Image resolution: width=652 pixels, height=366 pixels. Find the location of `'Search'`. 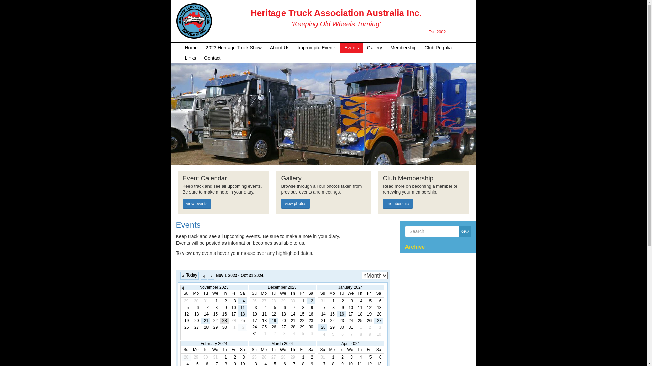

'Search' is located at coordinates (404, 231).